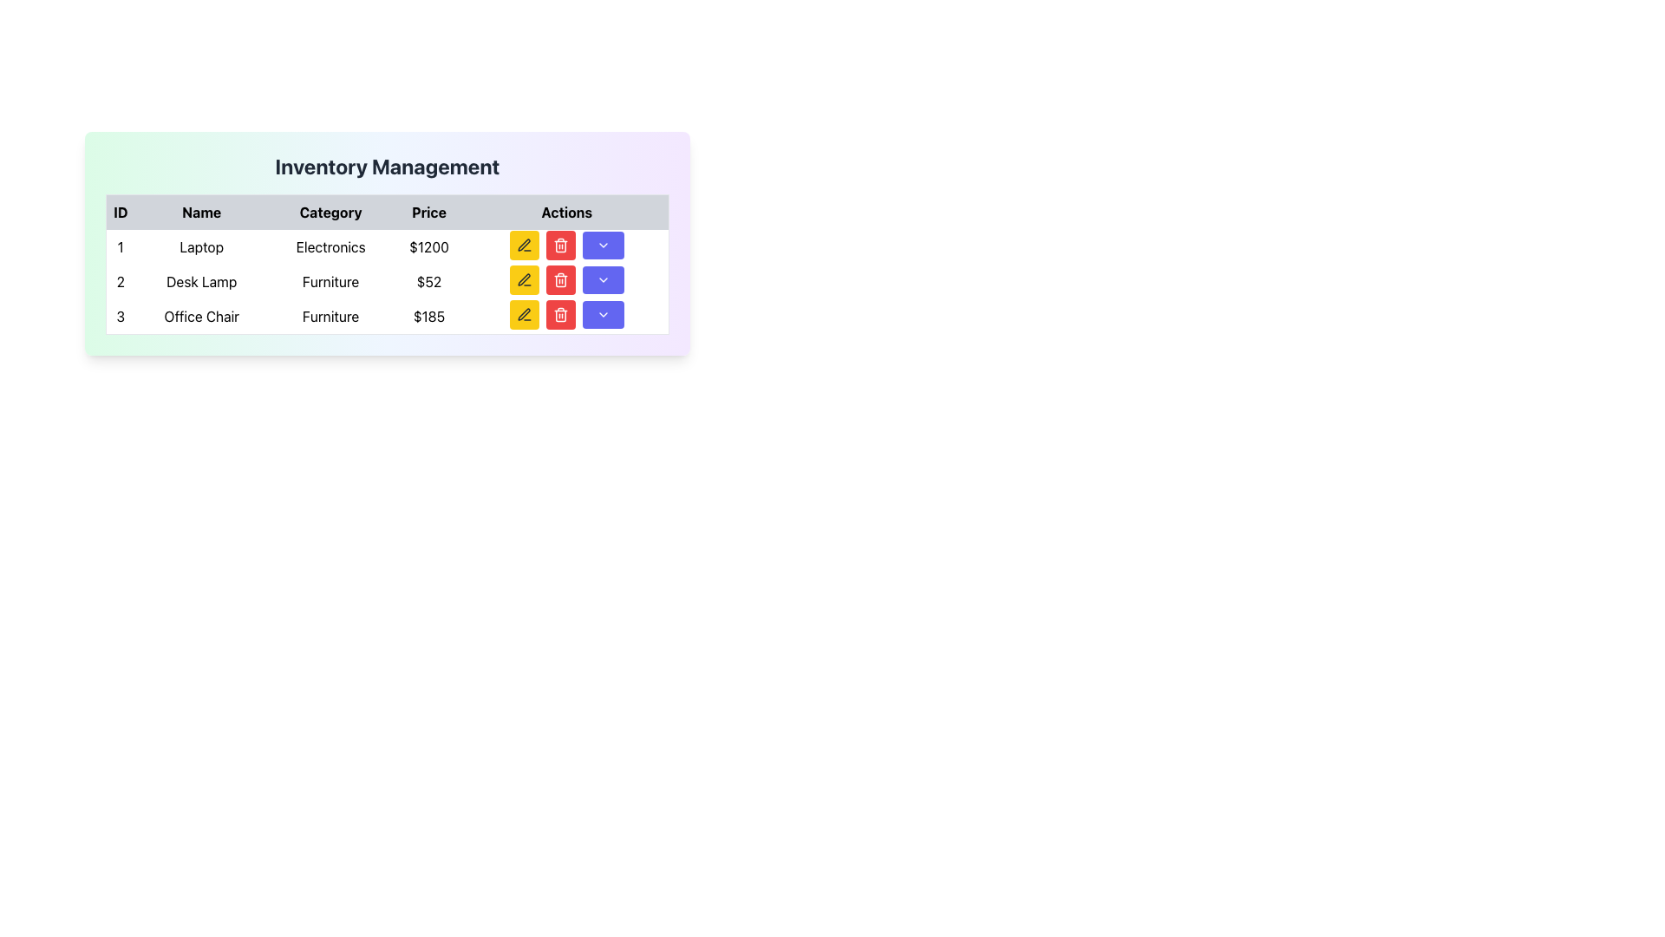  I want to click on on the 'Laptop' text label in the first row and second column of the inventory table, so click(200, 247).